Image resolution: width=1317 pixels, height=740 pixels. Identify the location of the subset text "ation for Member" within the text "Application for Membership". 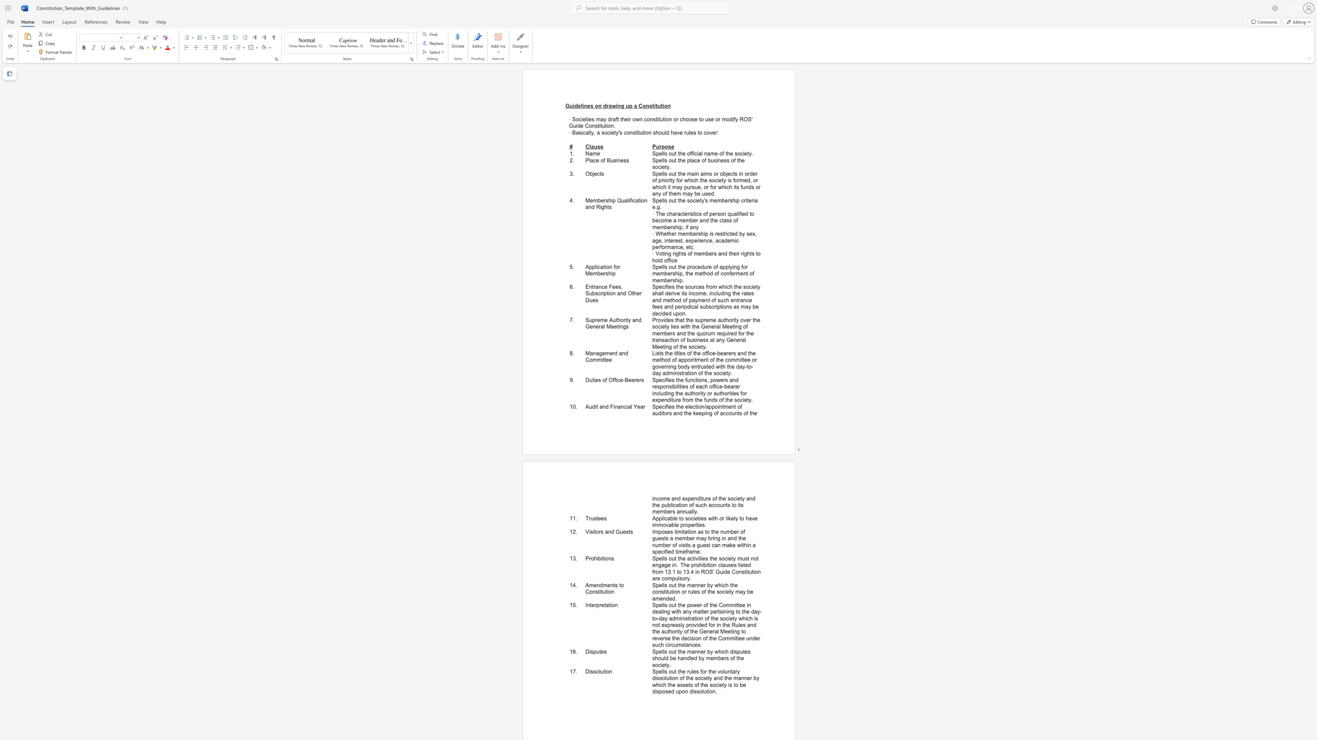
(600, 267).